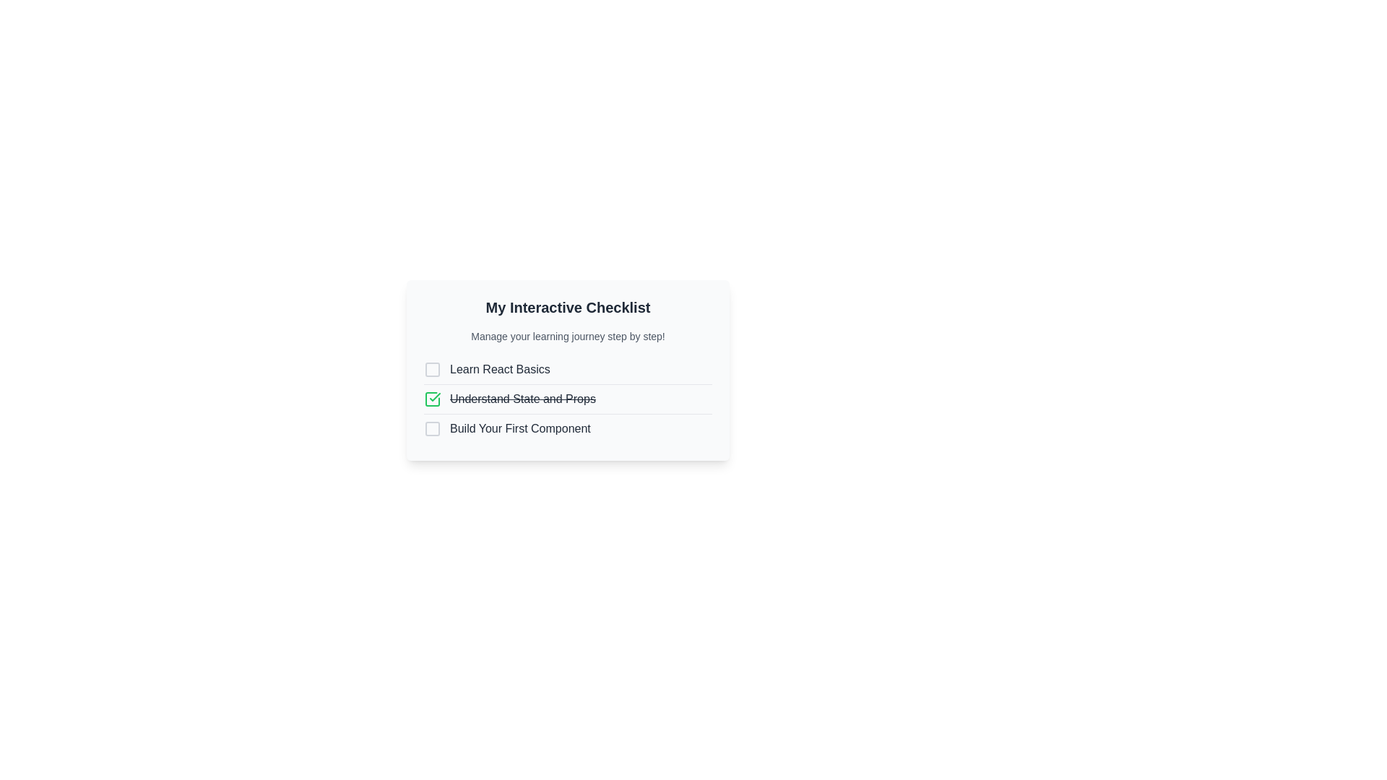  Describe the element at coordinates (567, 428) in the screenshot. I see `associated text of the third checkbox item in the interactive checklist, which is located below 'Understand State and Props'` at that location.